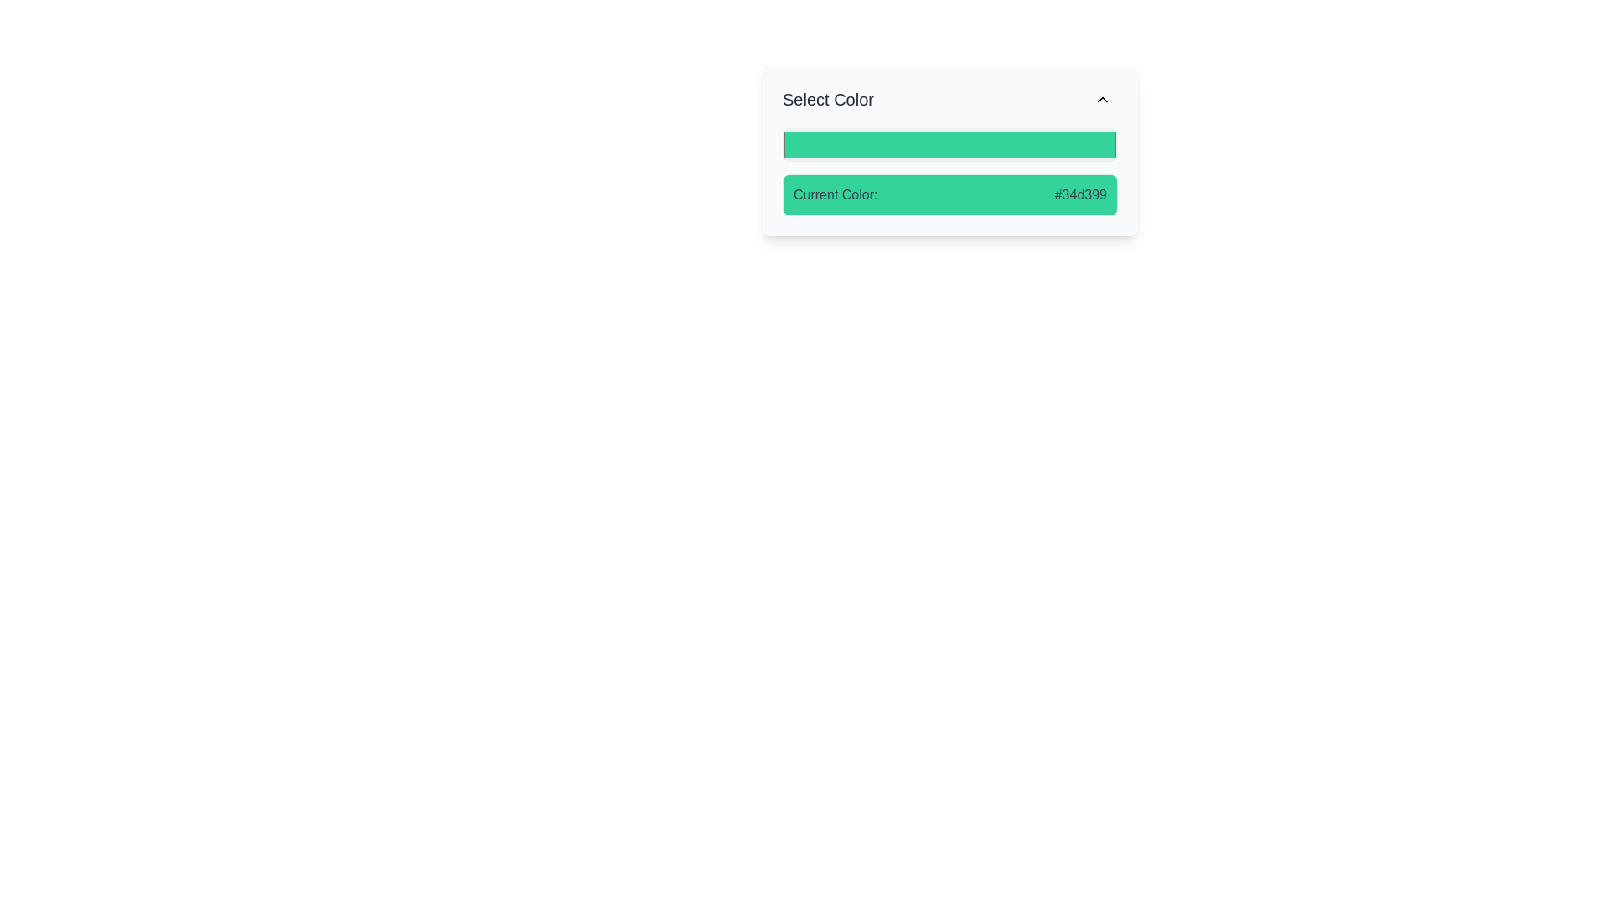 This screenshot has height=905, width=1609. What do you see at coordinates (1080, 194) in the screenshot?
I see `the text displaying the color code '#34d399' located on the right side of the 'Current Color:' label within a light green card under the 'Select Color' dropdown panel` at bounding box center [1080, 194].